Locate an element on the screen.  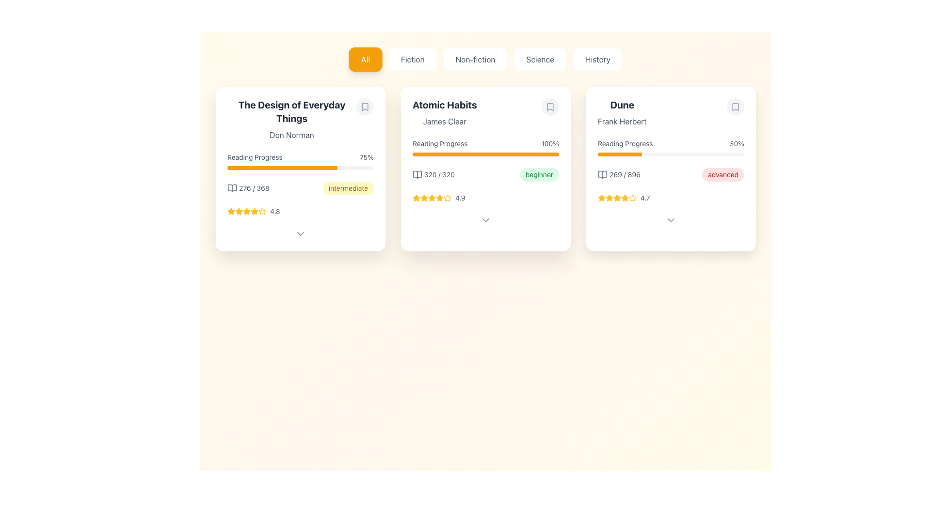
the third rating star icon in the sequence of five stars on the 'Dune' card is located at coordinates (616, 197).